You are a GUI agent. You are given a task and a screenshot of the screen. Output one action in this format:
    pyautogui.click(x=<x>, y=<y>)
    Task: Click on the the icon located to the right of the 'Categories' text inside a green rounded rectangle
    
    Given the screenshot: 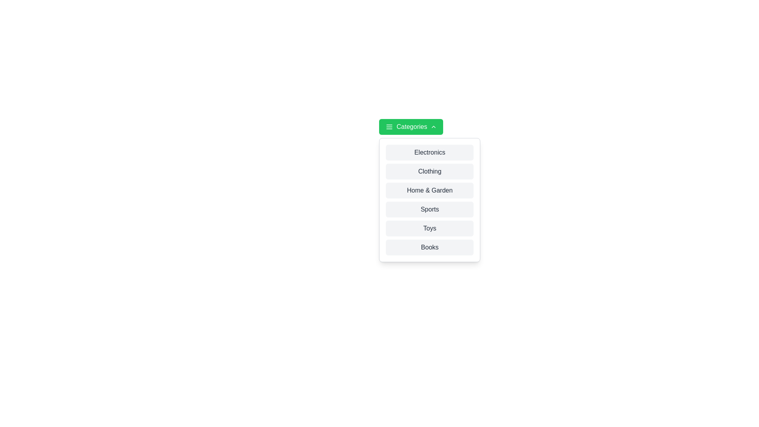 What is the action you would take?
    pyautogui.click(x=433, y=126)
    